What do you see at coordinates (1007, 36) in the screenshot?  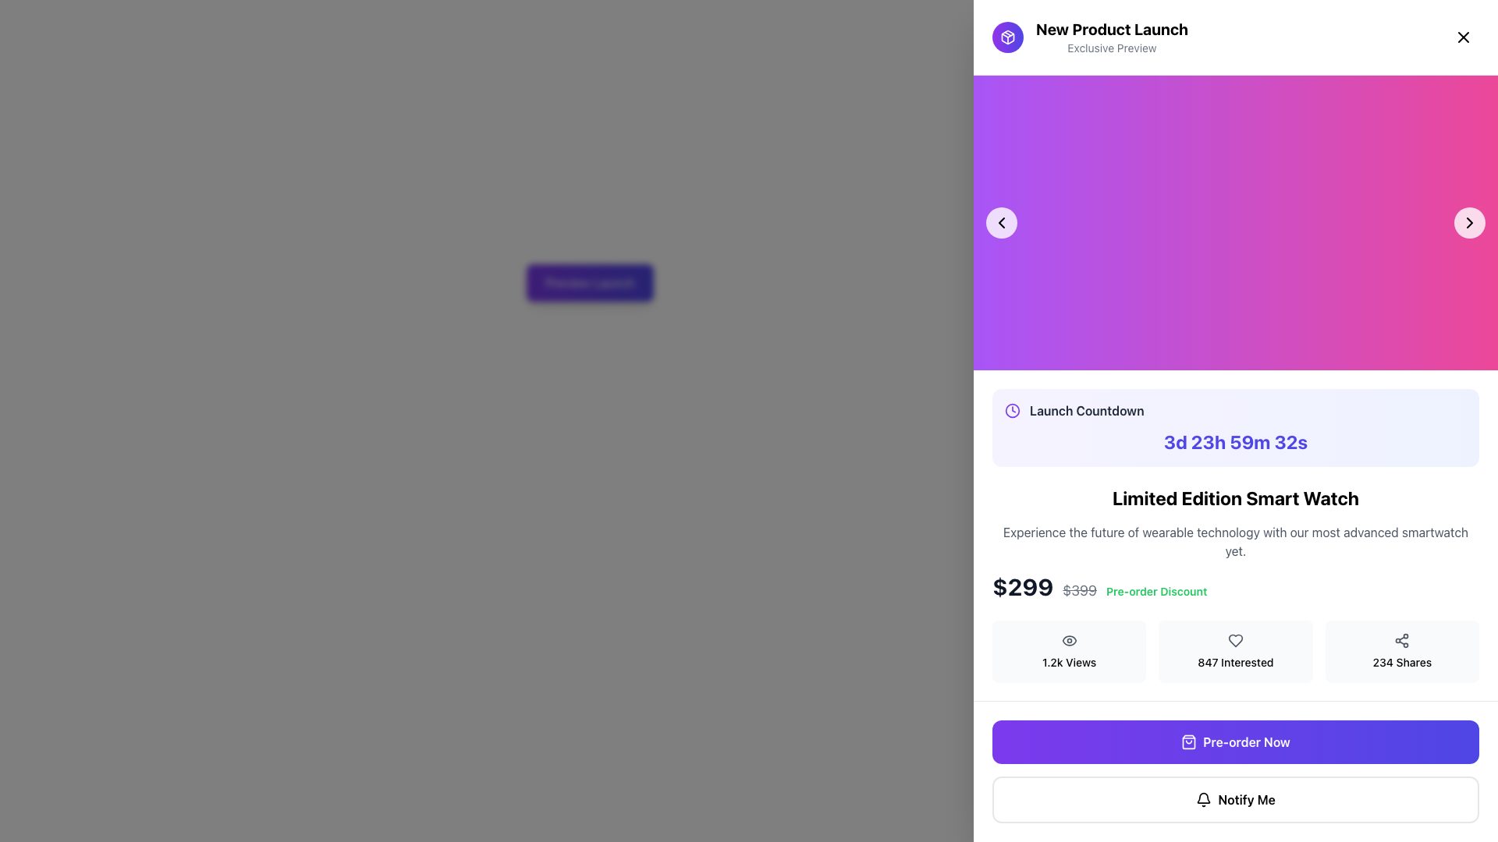 I see `the circular icon with a gradient background transitioning from purple to indigo, which contains a white geometric icon resembling a package, located to the left of the title 'New Product Launch'` at bounding box center [1007, 36].